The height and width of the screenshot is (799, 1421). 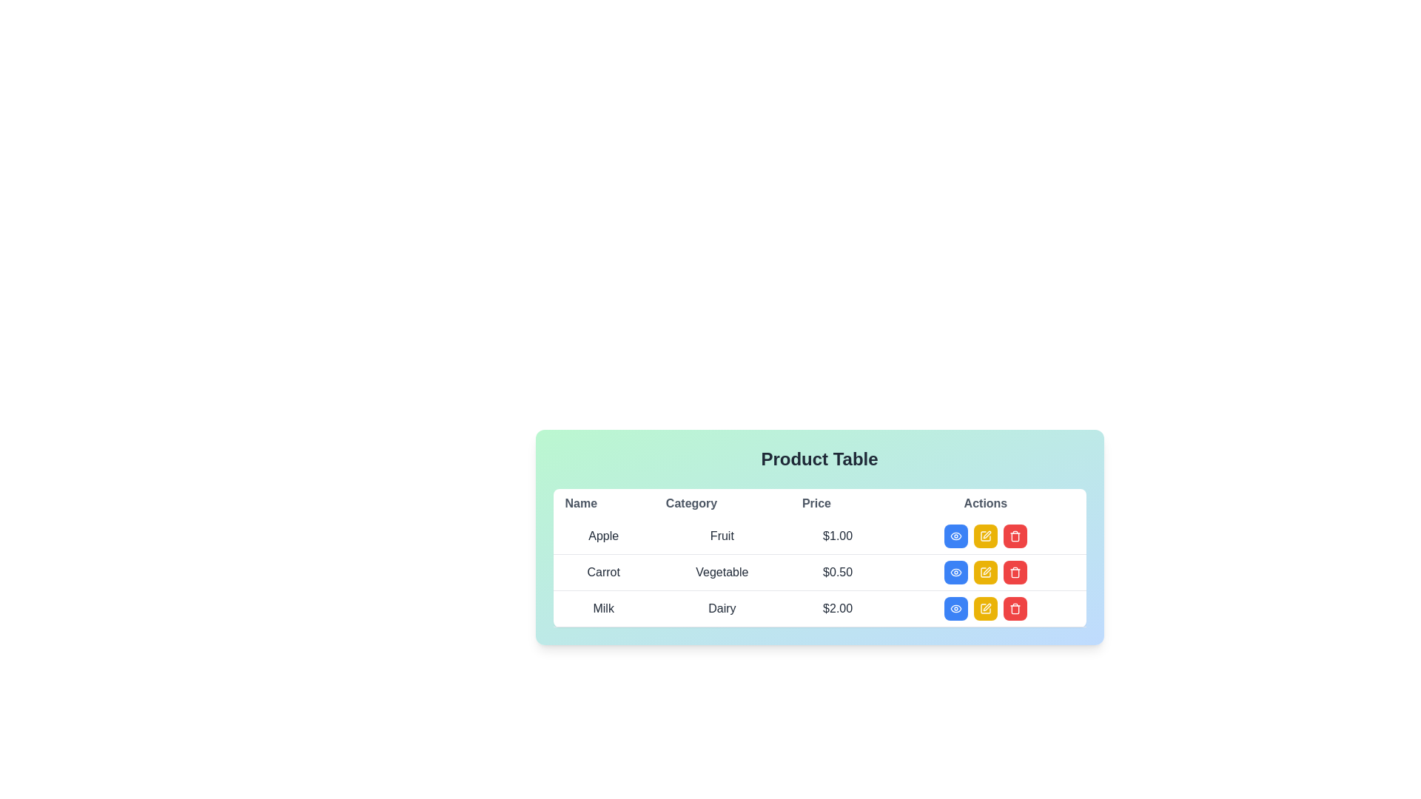 What do you see at coordinates (955, 608) in the screenshot?
I see `the first button in the 'Actions' column of the bottommost row of the table` at bounding box center [955, 608].